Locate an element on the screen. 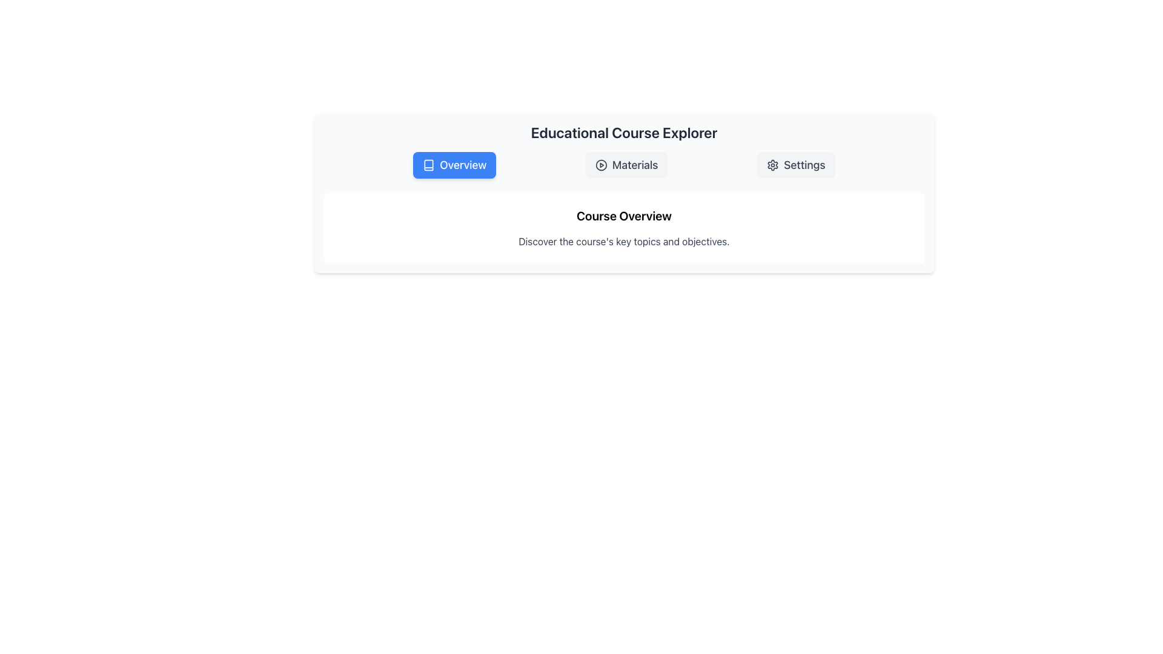  the text label 'Course Overview' which serves as a header for the content section is located at coordinates (624, 216).